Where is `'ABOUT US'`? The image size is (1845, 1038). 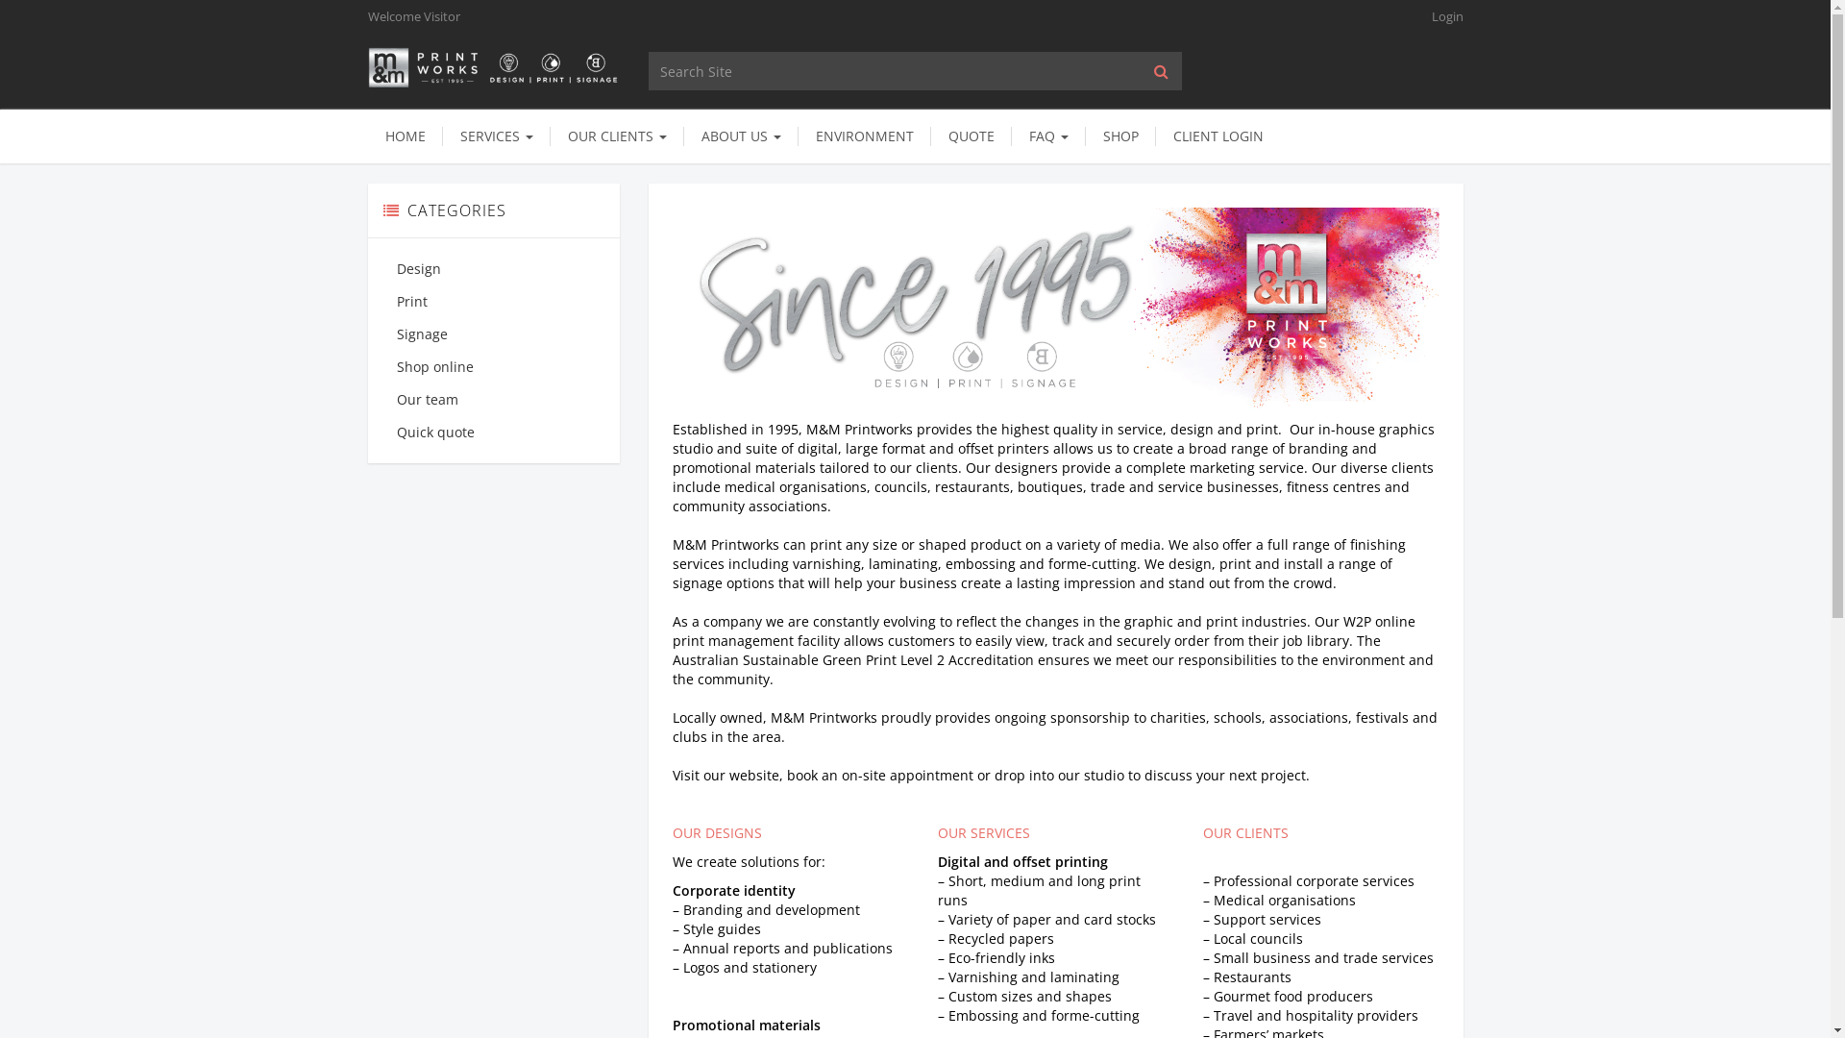 'ABOUT US' is located at coordinates (740, 136).